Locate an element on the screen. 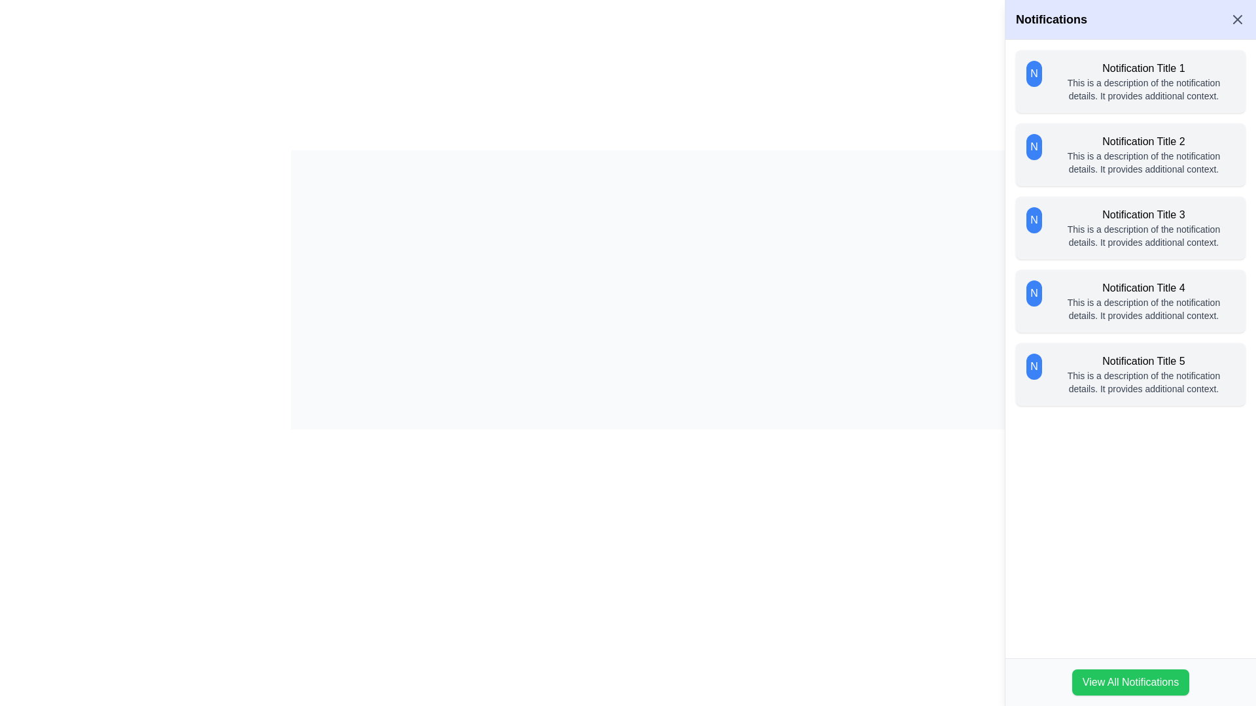  the decorative icon positioned on the left side of the second notification card in the vertical list of notifications is located at coordinates (1033, 146).